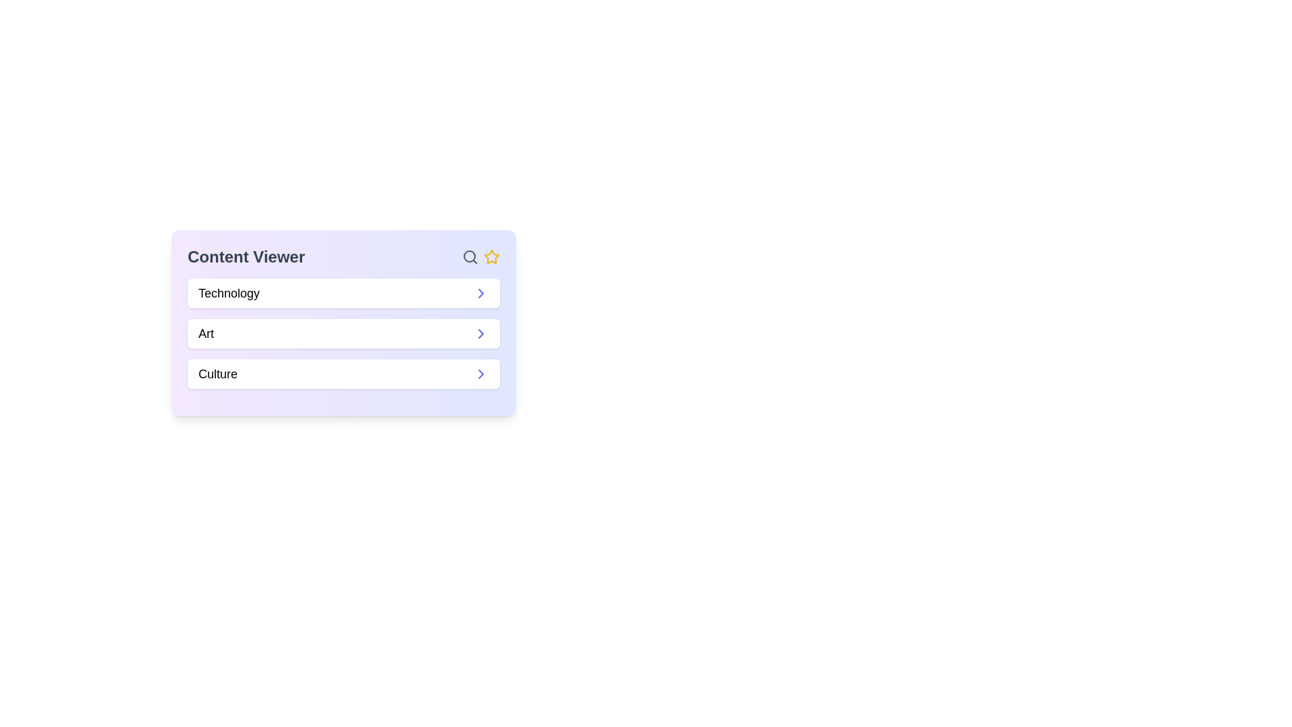 The image size is (1292, 727). What do you see at coordinates (491, 256) in the screenshot?
I see `the star-shaped icon in the top-right corner of the content viewer panel, which is styled in yellow and indicates a rating feature` at bounding box center [491, 256].